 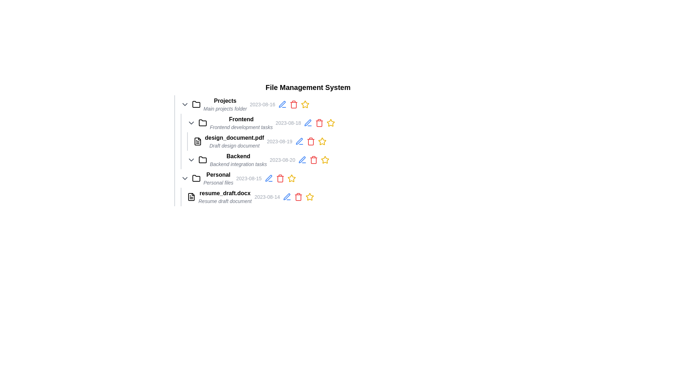 I want to click on the star icon located at the far right of the 'resume_draft.docx' file entry, so click(x=324, y=159).